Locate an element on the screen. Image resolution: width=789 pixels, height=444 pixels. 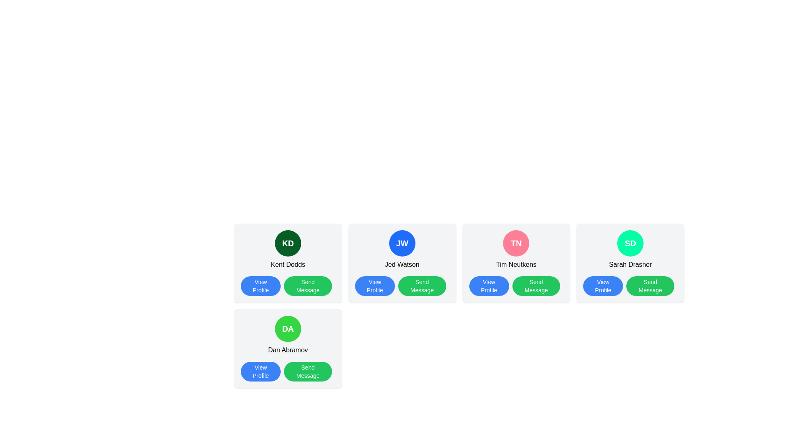
the text label that serves as an avatar or identification badge for a user, located at the center of the circular badge on the third card in the top row of a grid layout is located at coordinates (516, 243).